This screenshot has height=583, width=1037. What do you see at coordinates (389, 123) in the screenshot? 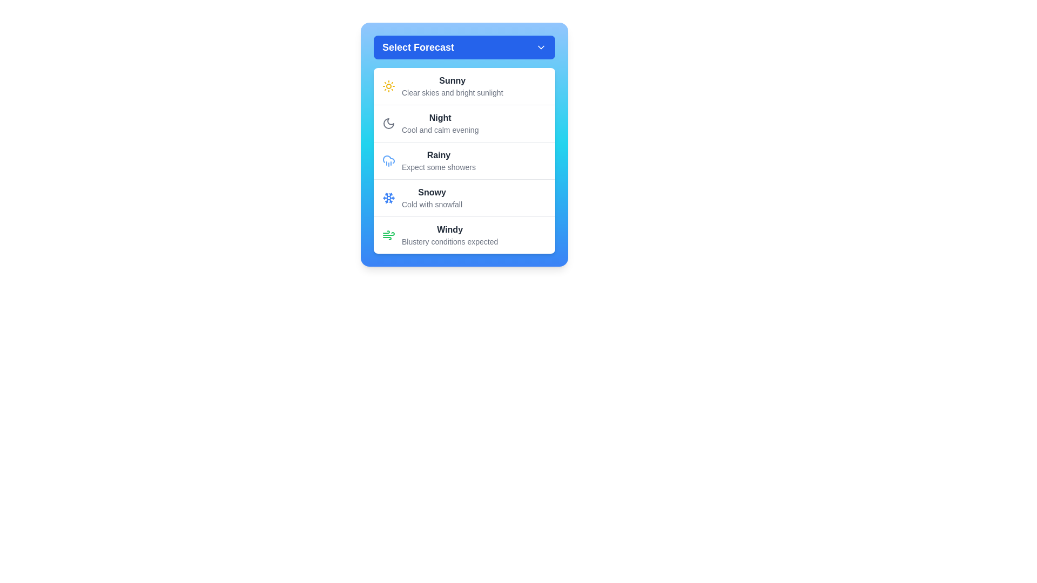
I see `the 'Night' icon in the forecast selection menu, which visually represents the night-time weather forecast and is located in the second row, adjacent to the text label` at bounding box center [389, 123].